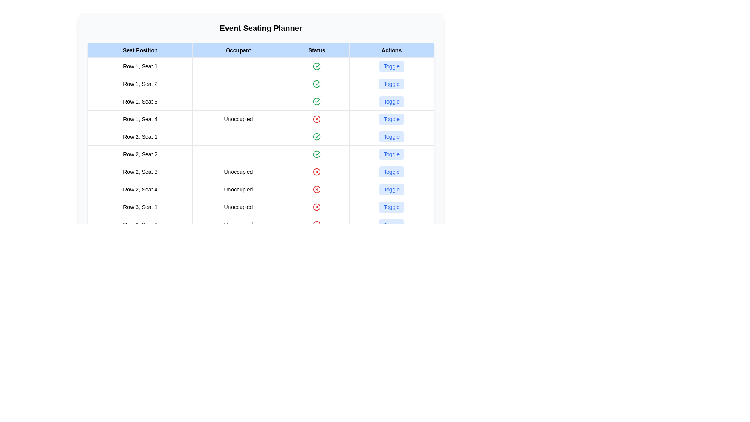  Describe the element at coordinates (140, 190) in the screenshot. I see `the text label displaying 'Row 2, Seat 4', which is styled with a border and padding in a tabular structure` at that location.